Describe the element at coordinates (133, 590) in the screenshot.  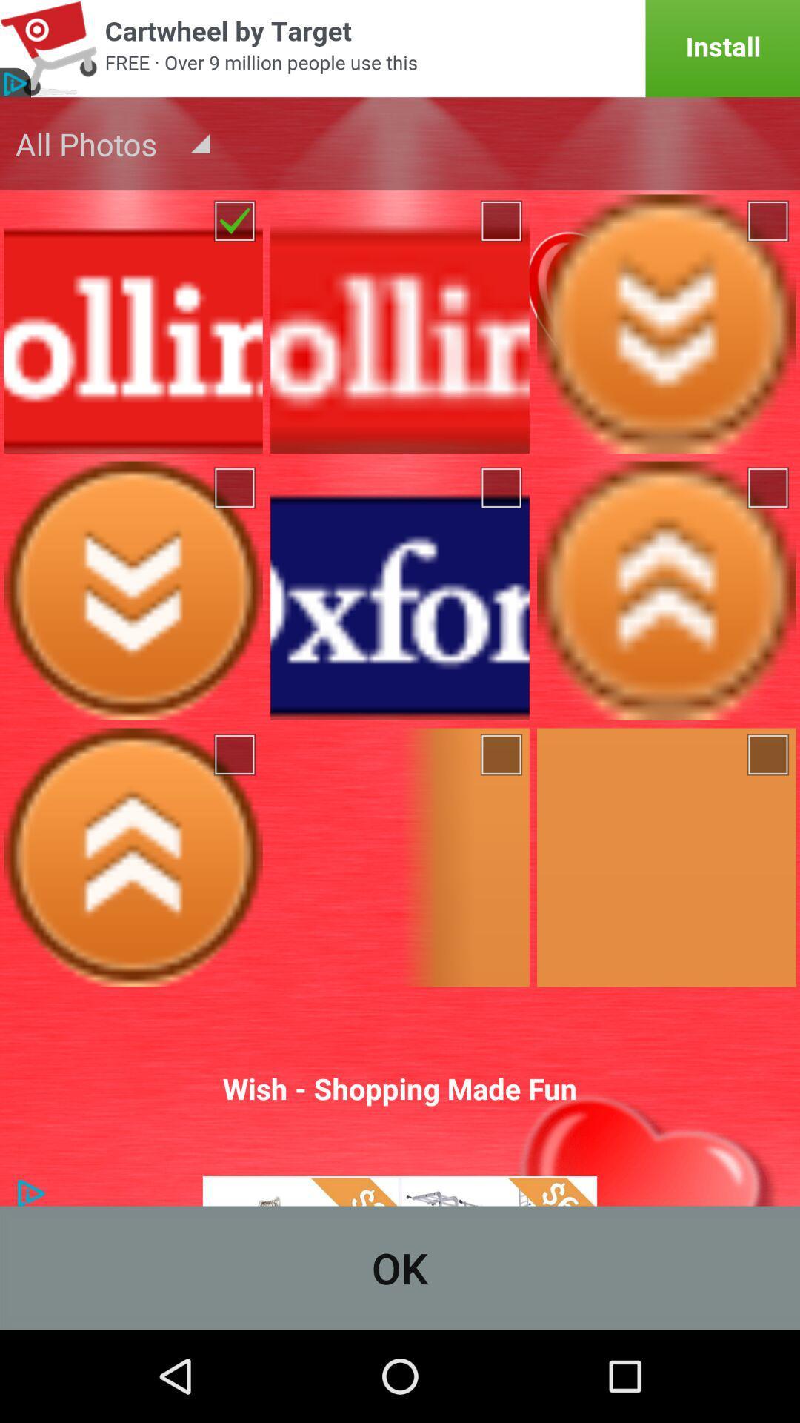
I see `the first image in second row` at that location.